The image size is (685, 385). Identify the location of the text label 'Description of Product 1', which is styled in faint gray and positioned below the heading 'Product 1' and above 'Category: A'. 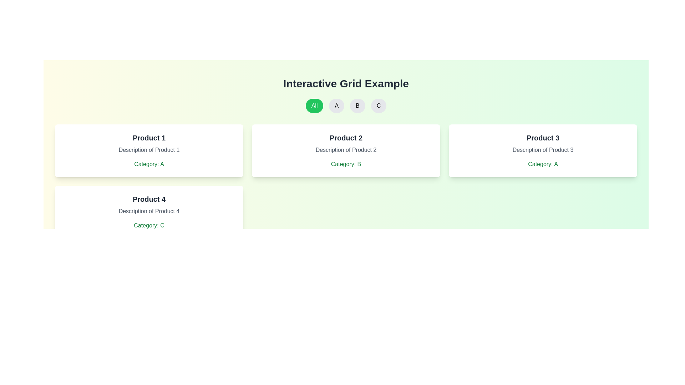
(148, 149).